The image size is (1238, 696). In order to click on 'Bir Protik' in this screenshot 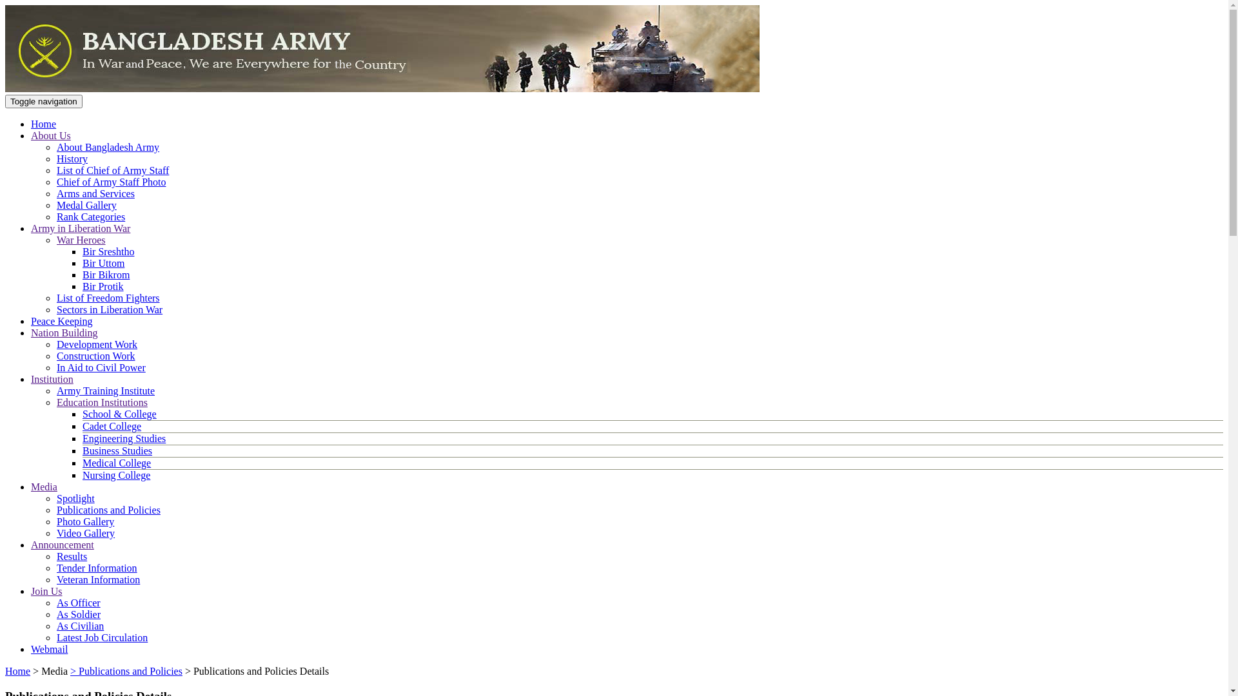, I will do `click(102, 285)`.